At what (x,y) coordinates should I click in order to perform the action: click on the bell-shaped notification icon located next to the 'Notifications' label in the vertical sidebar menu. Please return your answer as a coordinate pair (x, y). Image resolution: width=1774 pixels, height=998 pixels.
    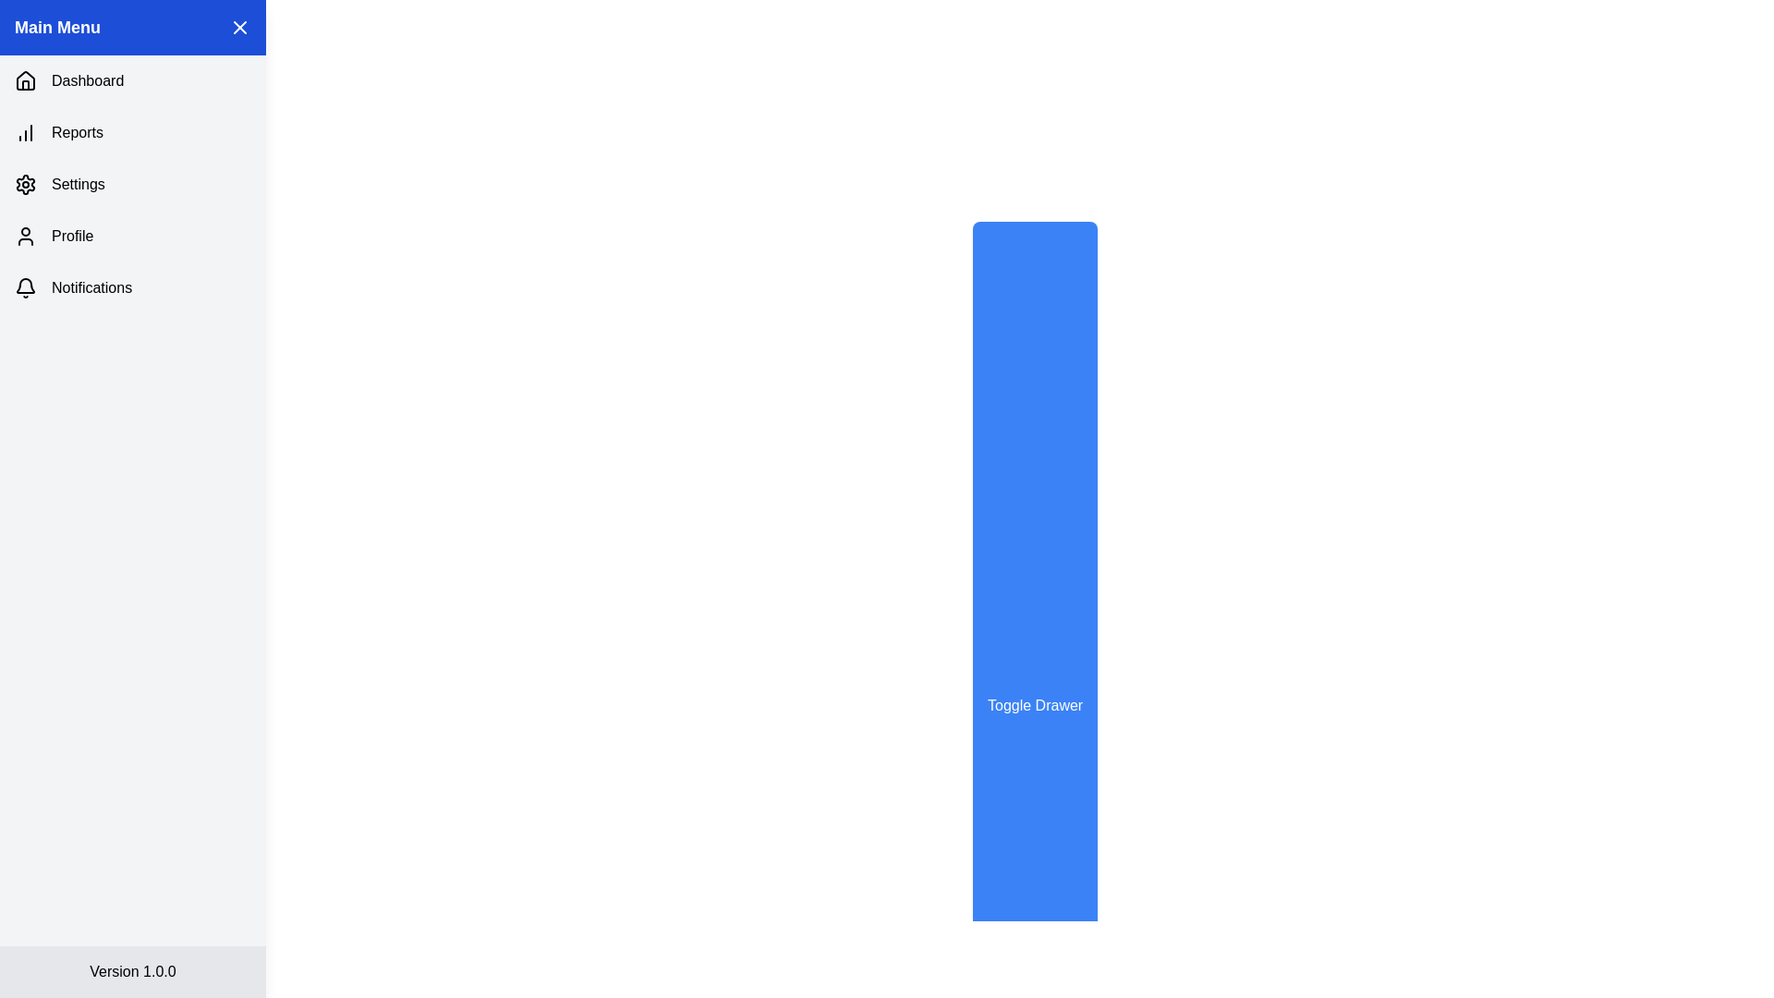
    Looking at the image, I should click on (26, 288).